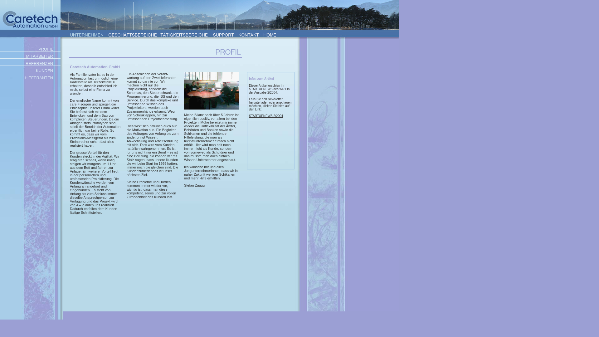 Image resolution: width=599 pixels, height=337 pixels. I want to click on 'STARTUPNEWS 2/2004', so click(266, 116).